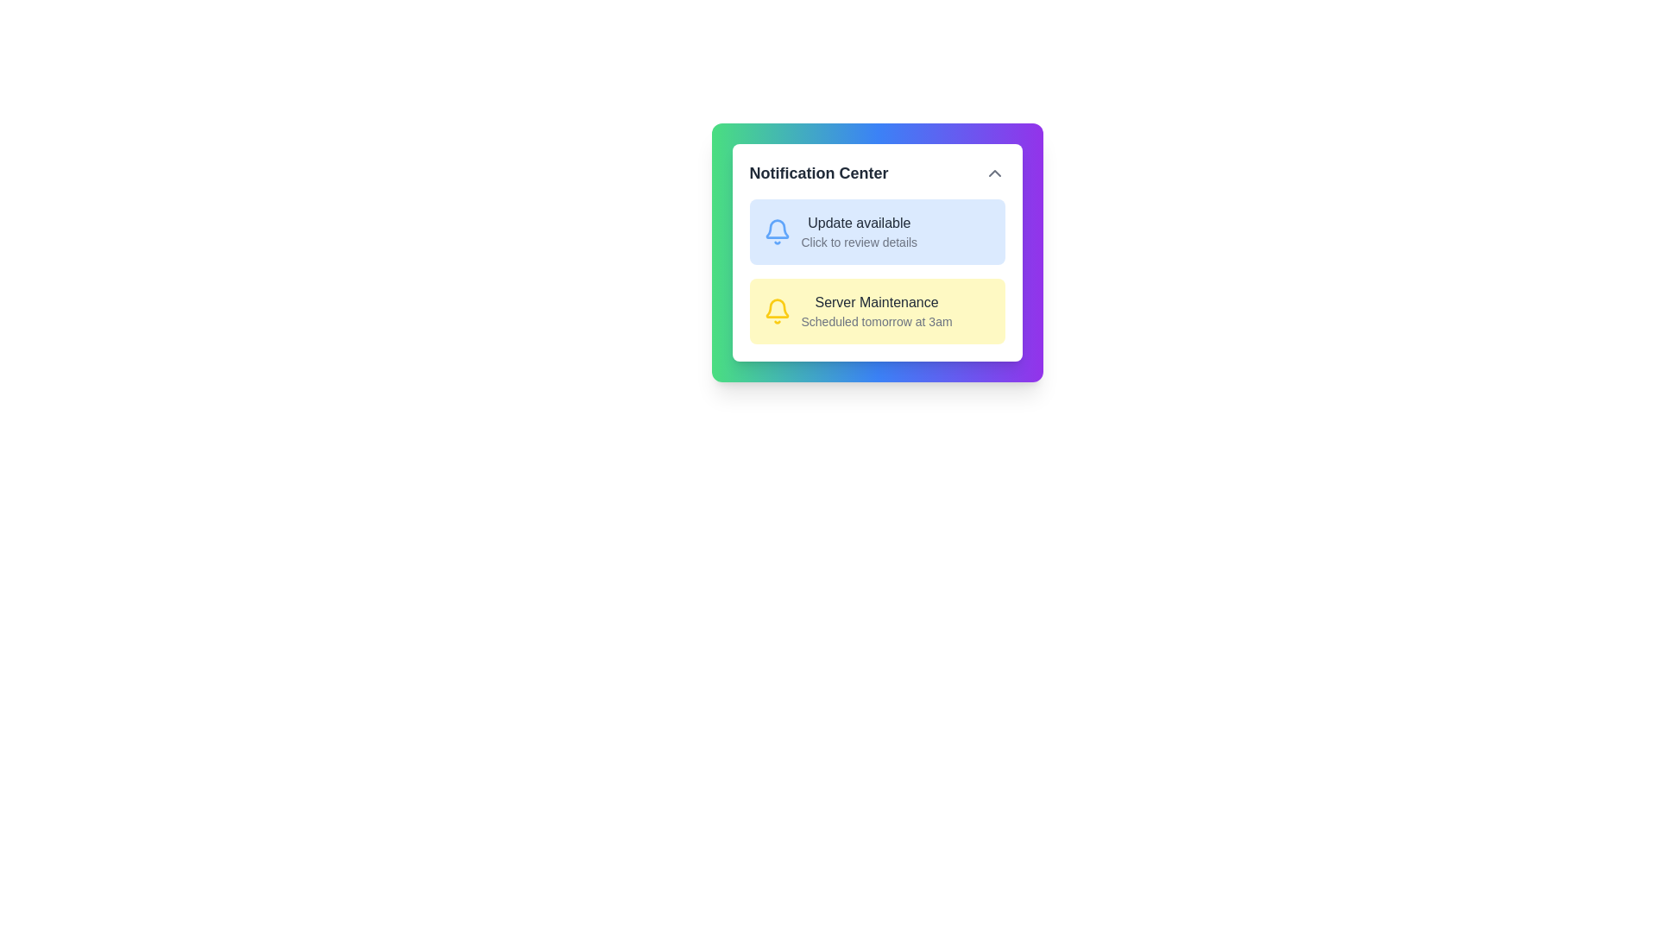 This screenshot has width=1657, height=932. Describe the element at coordinates (877, 231) in the screenshot. I see `the notification element that informs the user about update availability, positioned above the 'Server Maintenance' notification in the notification center panel` at that location.